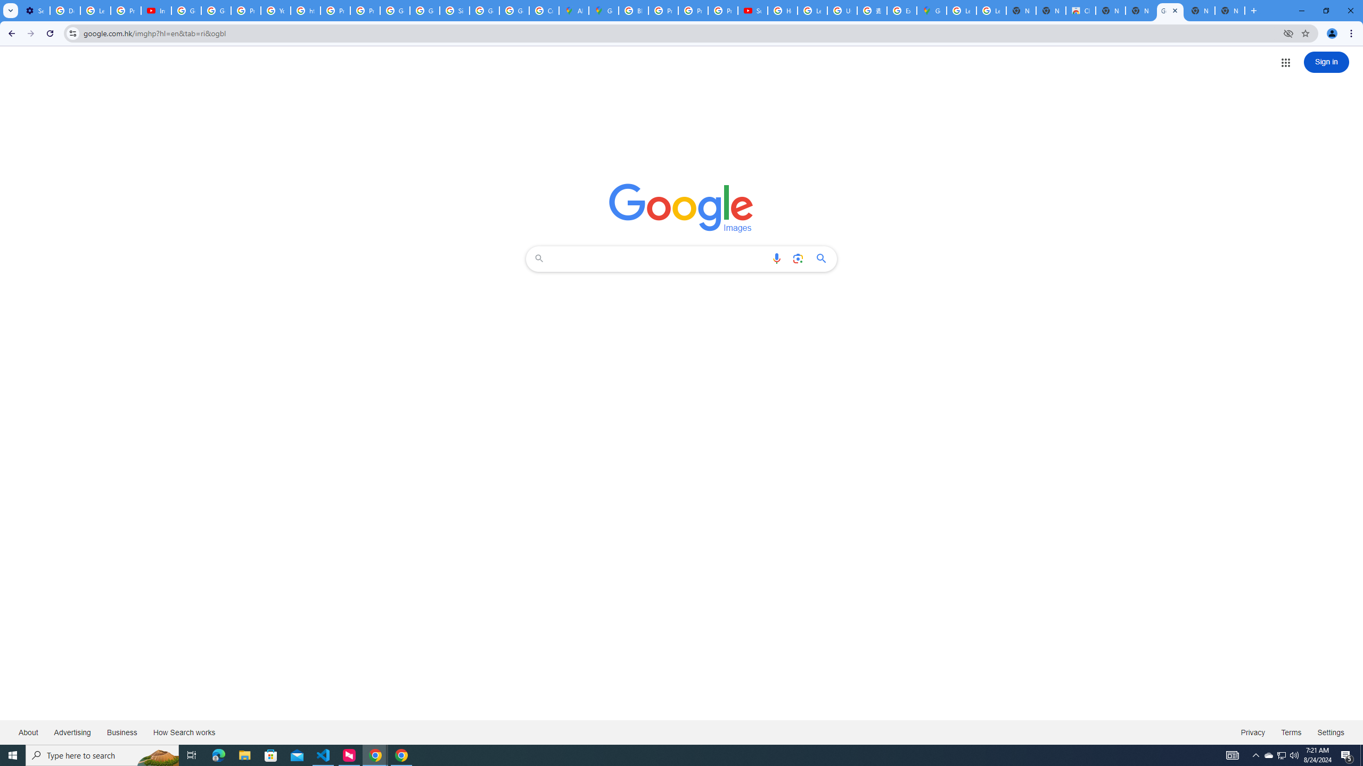 The height and width of the screenshot is (766, 1363). What do you see at coordinates (121, 731) in the screenshot?
I see `'Business'` at bounding box center [121, 731].